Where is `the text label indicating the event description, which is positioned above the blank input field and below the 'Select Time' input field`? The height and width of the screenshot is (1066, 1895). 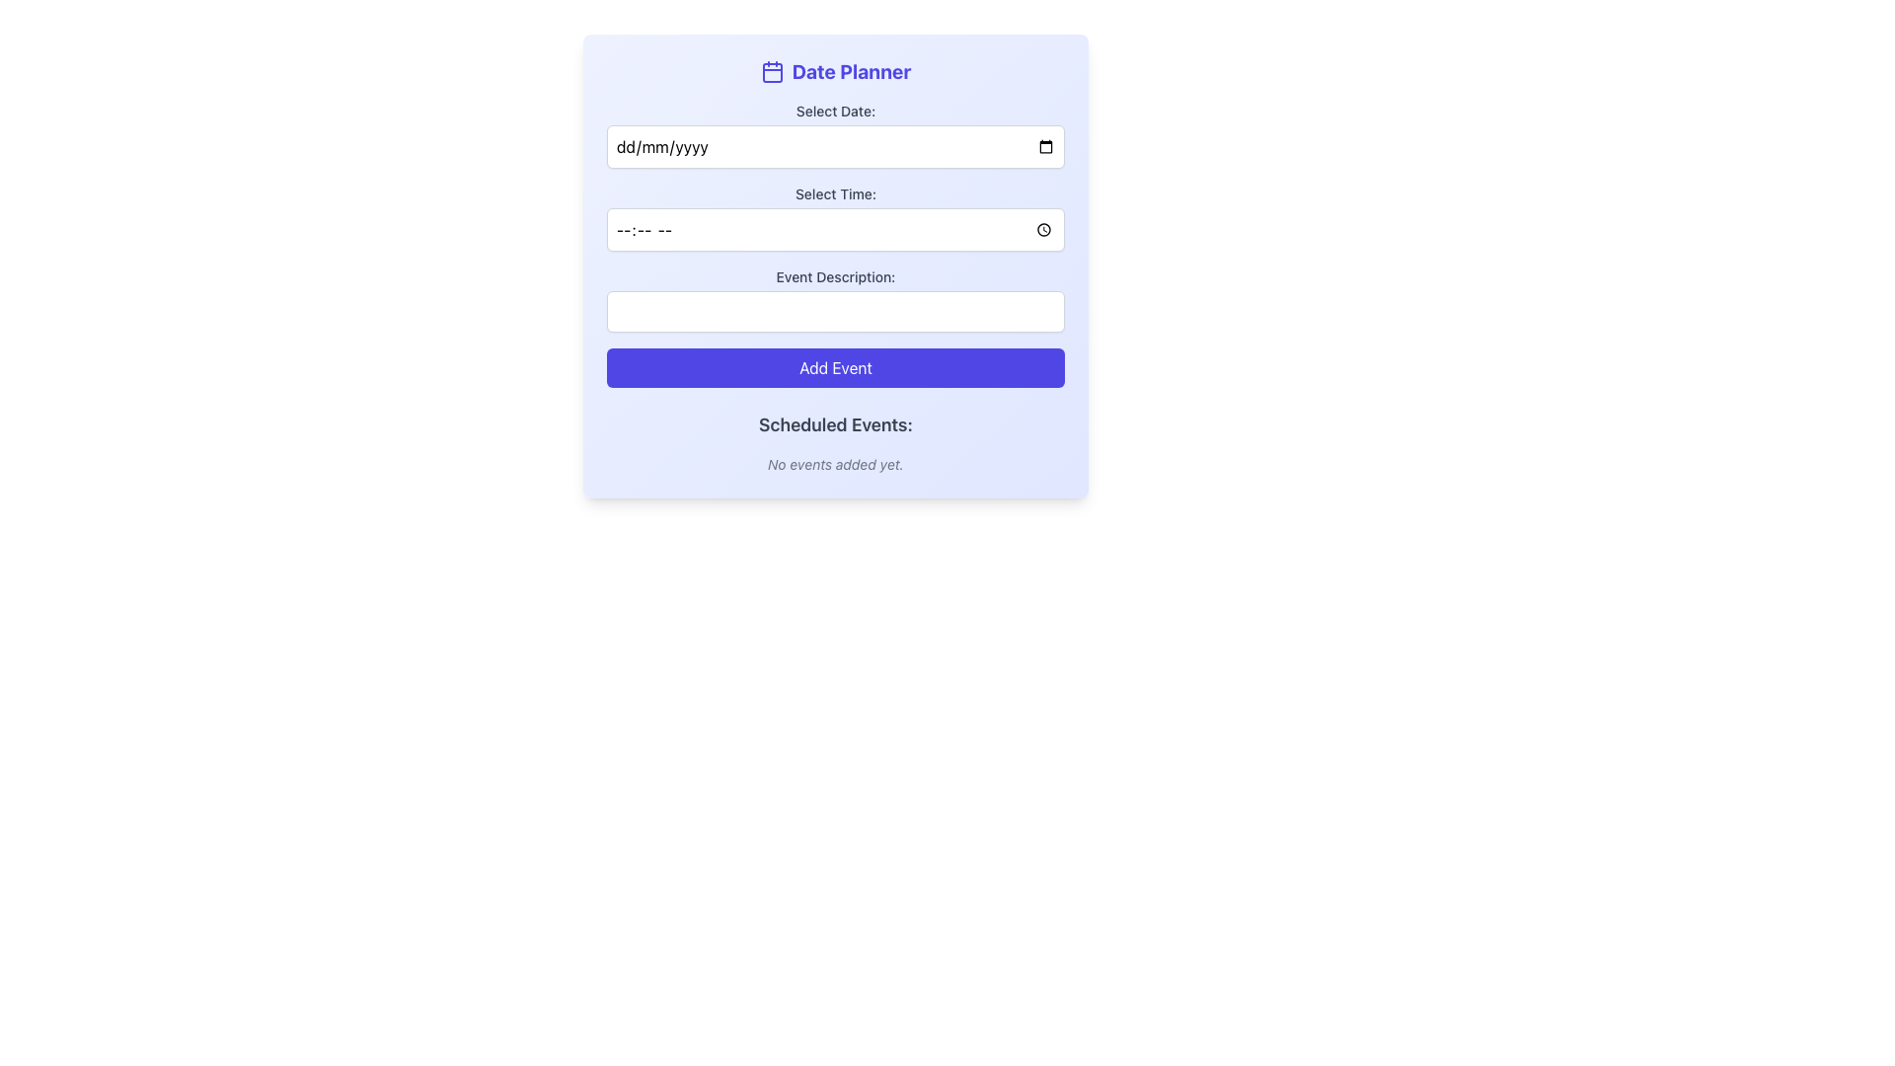 the text label indicating the event description, which is positioned above the blank input field and below the 'Select Time' input field is located at coordinates (835, 277).